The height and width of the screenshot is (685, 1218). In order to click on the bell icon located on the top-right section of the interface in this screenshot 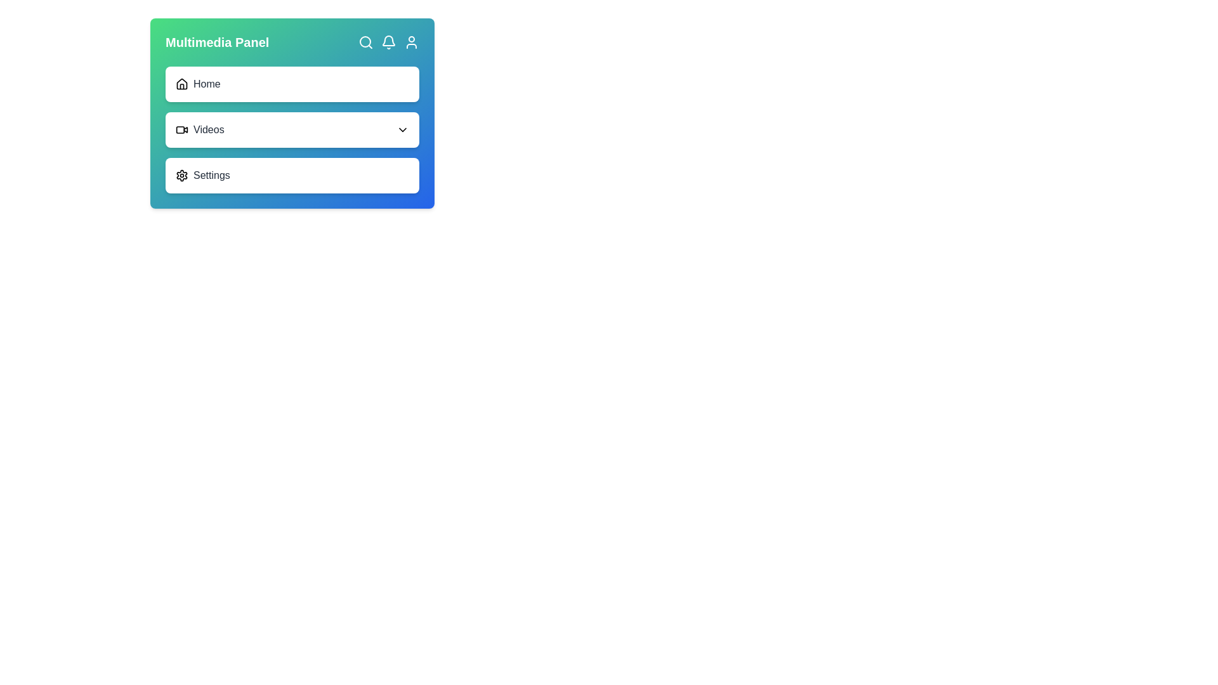, I will do `click(388, 41)`.